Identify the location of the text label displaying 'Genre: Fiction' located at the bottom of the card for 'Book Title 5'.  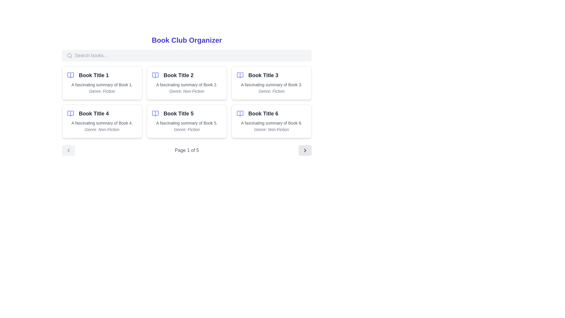
(186, 129).